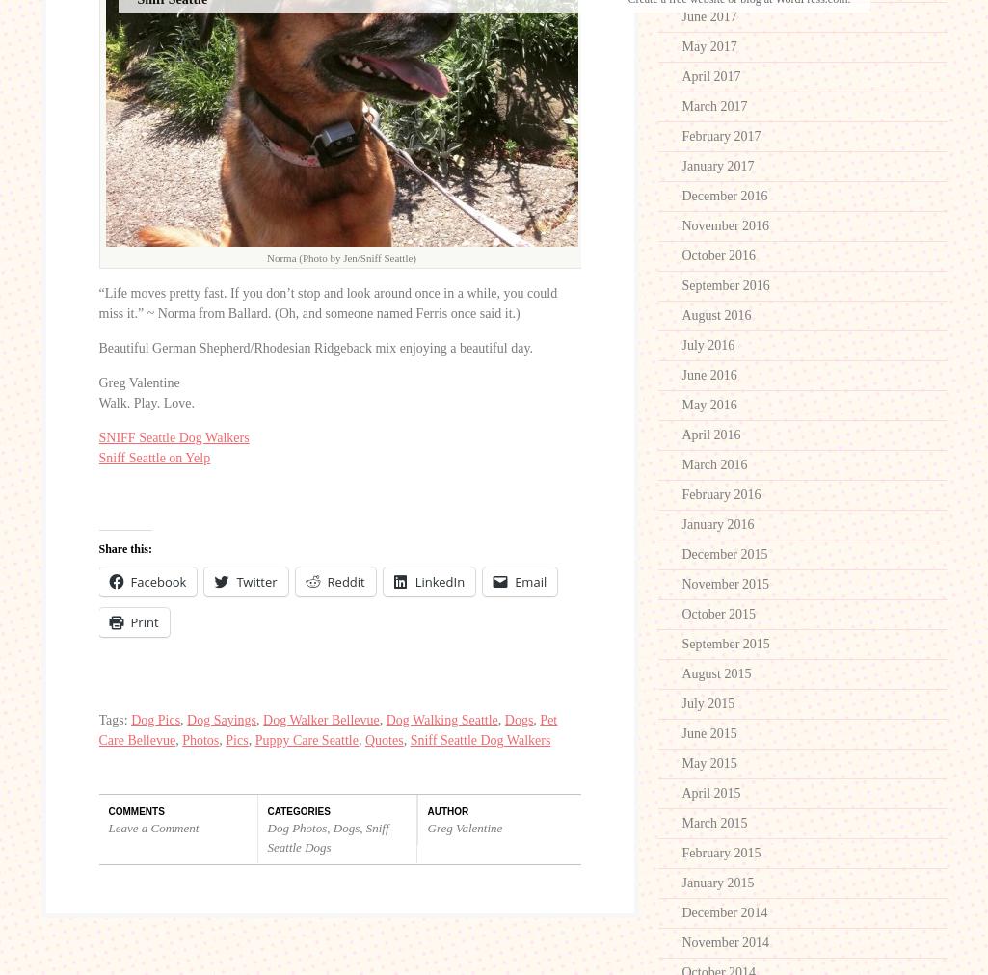  What do you see at coordinates (314, 346) in the screenshot?
I see `'Beautiful German Shepherd/Rhodesian Ridgeback mix enjoying a beautiful day.'` at bounding box center [314, 346].